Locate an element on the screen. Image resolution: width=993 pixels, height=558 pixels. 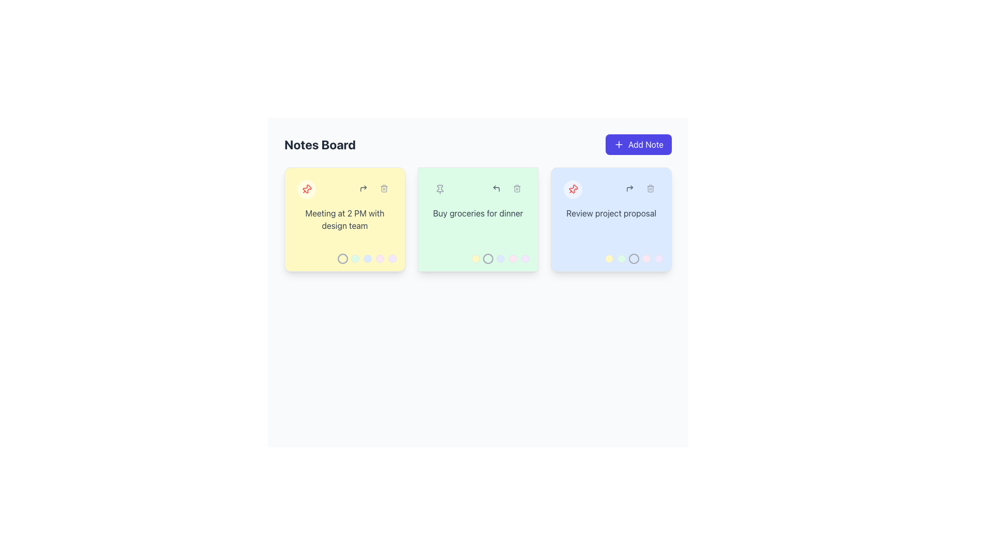
the fourth circular interactive color indicator with a pink background located in the bottom-right corner of the blue note card titled 'Review project proposal' is located at coordinates (645, 258).